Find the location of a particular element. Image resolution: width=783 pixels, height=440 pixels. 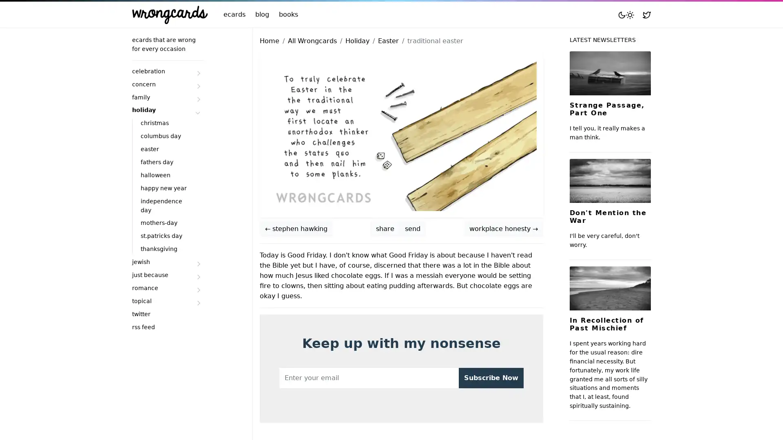

Submenu is located at coordinates (197, 276).